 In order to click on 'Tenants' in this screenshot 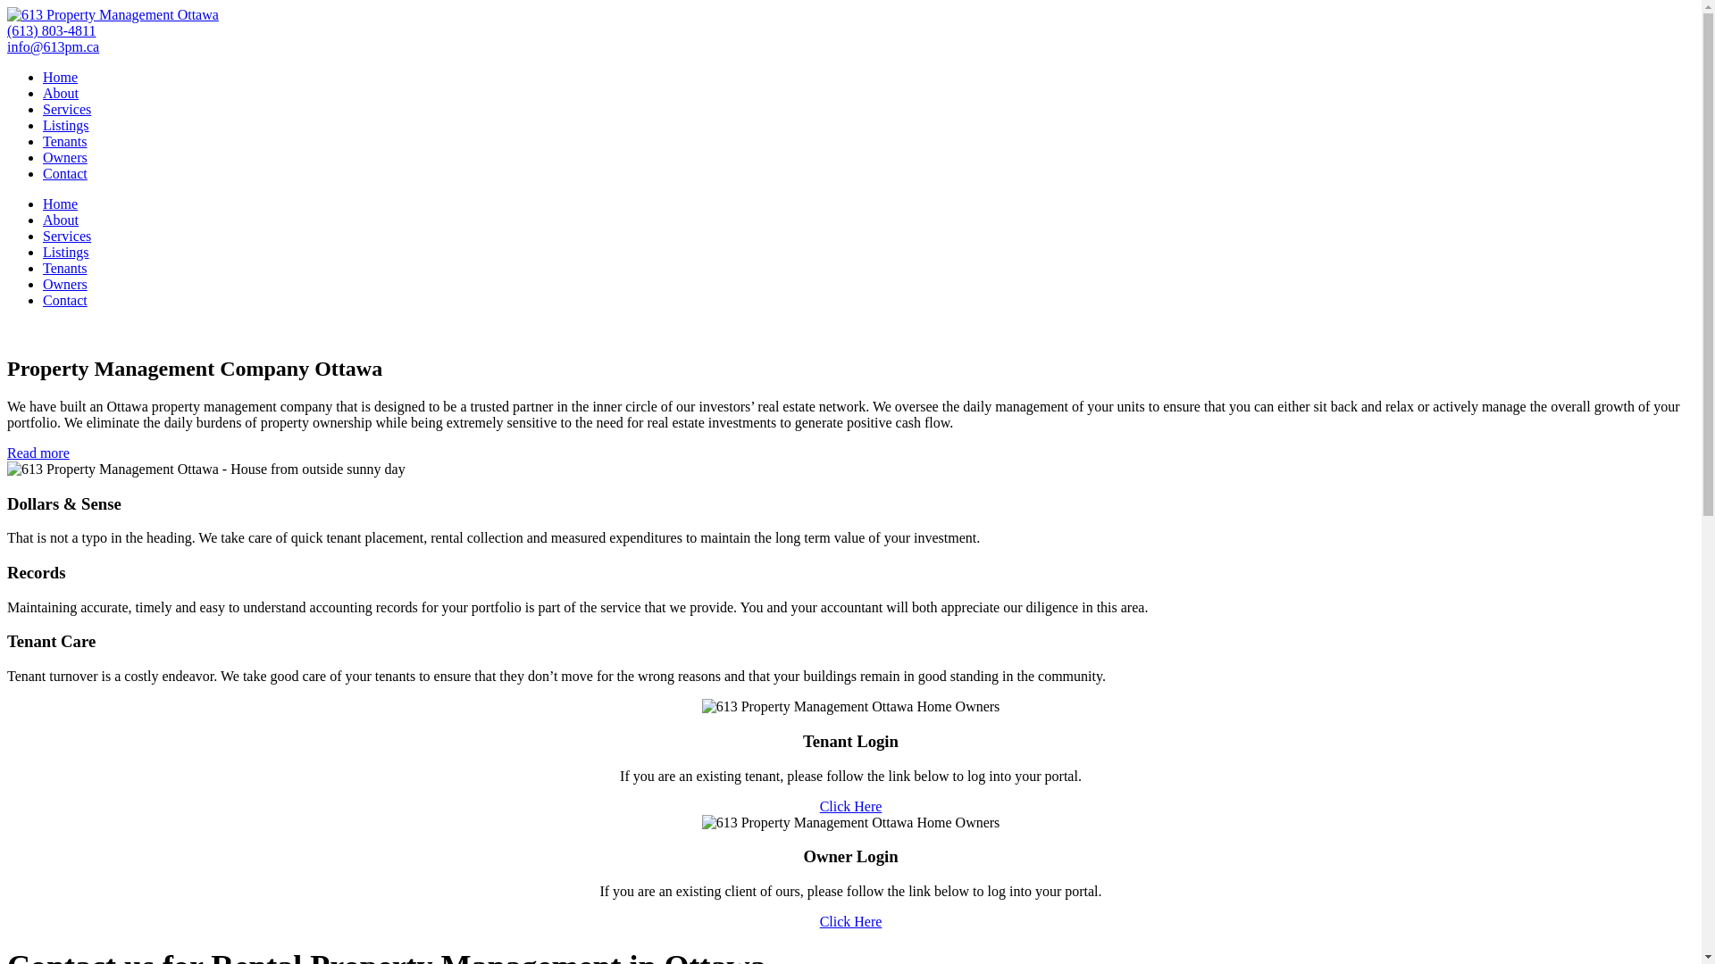, I will do `click(64, 268)`.